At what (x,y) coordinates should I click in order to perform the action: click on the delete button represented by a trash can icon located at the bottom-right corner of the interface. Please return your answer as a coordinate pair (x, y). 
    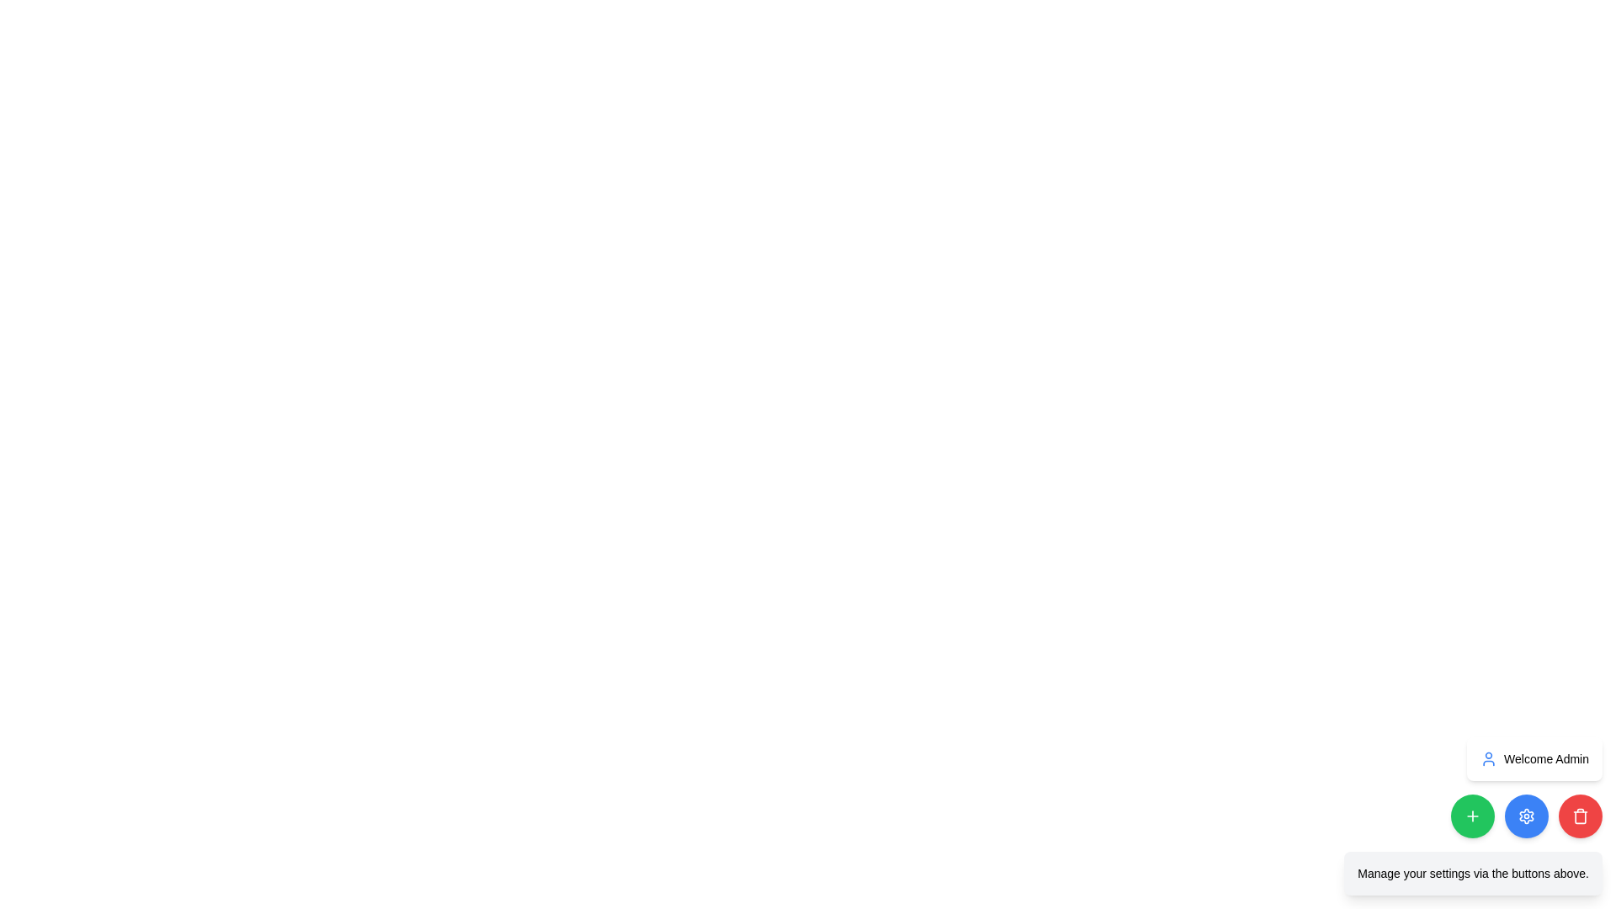
    Looking at the image, I should click on (1579, 815).